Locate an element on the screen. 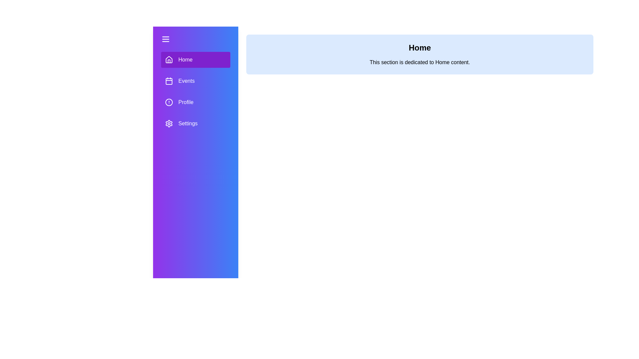 This screenshot has height=359, width=639. the 'Profile' text label in the vertical navigation menu on the left-hand side of the page is located at coordinates (186, 102).